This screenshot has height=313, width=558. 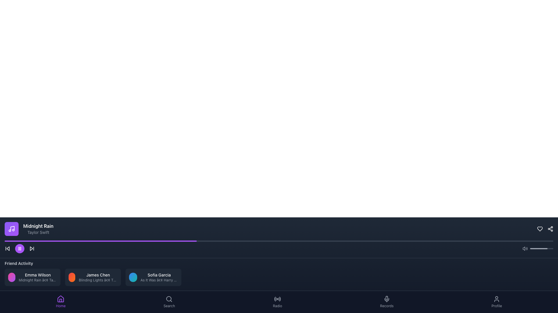 What do you see at coordinates (387, 299) in the screenshot?
I see `the microphone icon button located in the 'Records' section of the bottom navigation bar` at bounding box center [387, 299].